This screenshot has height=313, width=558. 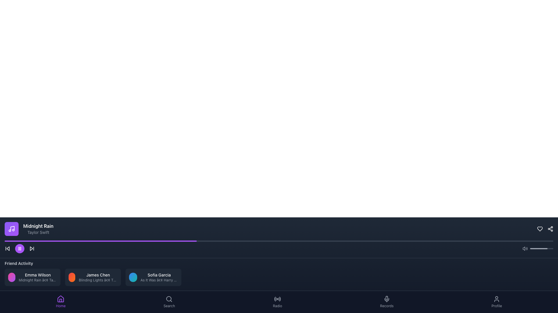 What do you see at coordinates (387, 299) in the screenshot?
I see `the microphone icon button located in the 'Records' section of the bottom navigation bar` at bounding box center [387, 299].